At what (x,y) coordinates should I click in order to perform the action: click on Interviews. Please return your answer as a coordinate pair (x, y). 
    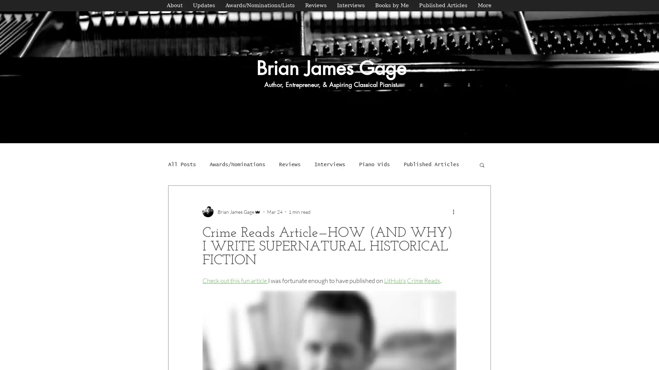
    Looking at the image, I should click on (329, 165).